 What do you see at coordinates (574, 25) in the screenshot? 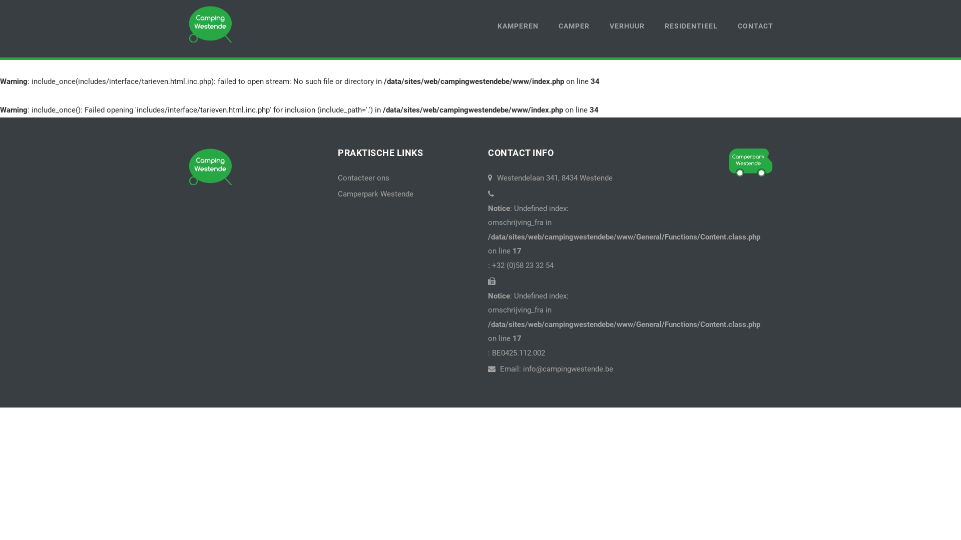
I see `'CAMPER'` at bounding box center [574, 25].